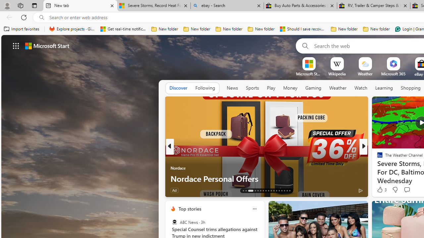 This screenshot has width=424, height=238. Describe the element at coordinates (382, 190) in the screenshot. I see `'102 Like'` at that location.